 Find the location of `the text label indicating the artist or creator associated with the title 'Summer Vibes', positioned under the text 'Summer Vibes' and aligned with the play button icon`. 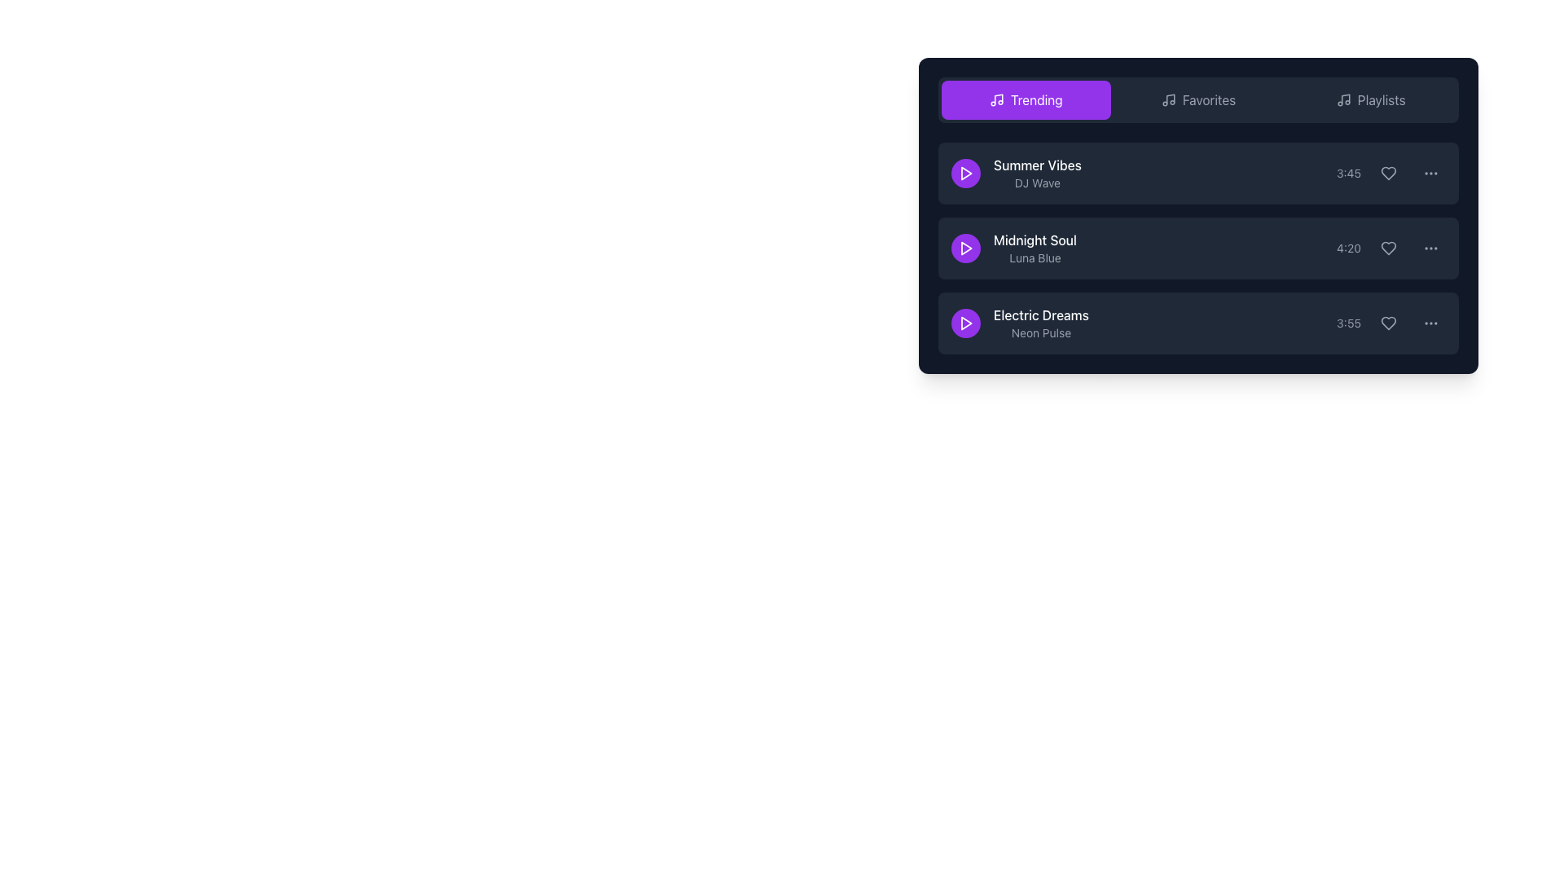

the text label indicating the artist or creator associated with the title 'Summer Vibes', positioned under the text 'Summer Vibes' and aligned with the play button icon is located at coordinates (1036, 183).